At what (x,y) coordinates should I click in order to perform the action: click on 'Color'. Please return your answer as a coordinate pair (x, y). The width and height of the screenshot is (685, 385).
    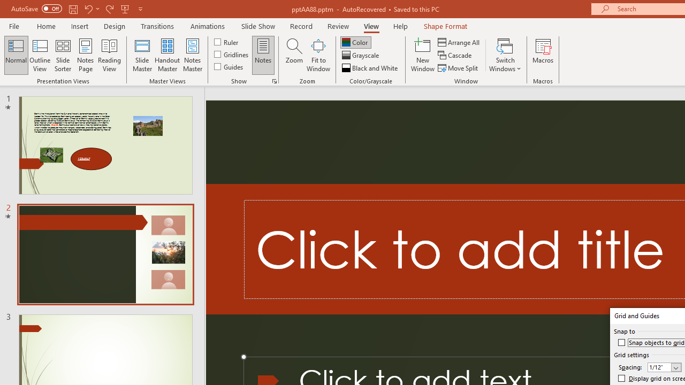
    Looking at the image, I should click on (355, 42).